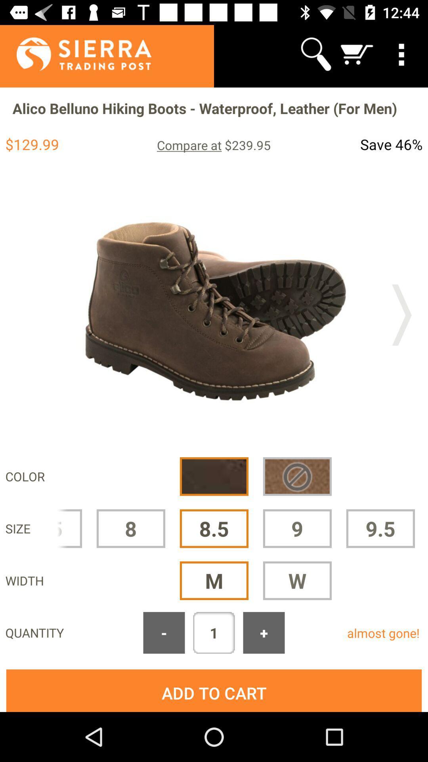  Describe the element at coordinates (264, 632) in the screenshot. I see `the + button` at that location.